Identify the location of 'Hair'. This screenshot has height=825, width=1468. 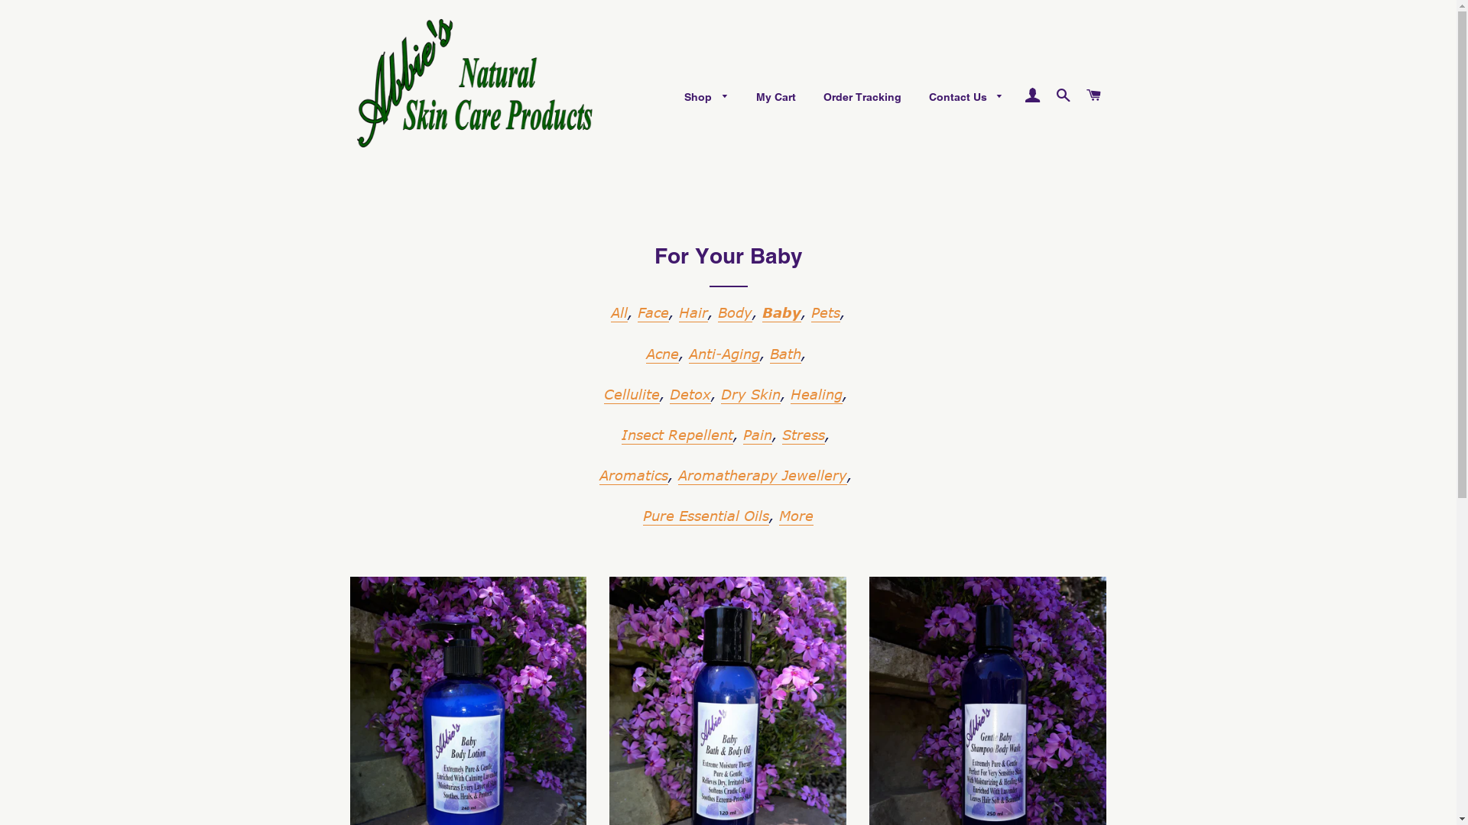
(678, 312).